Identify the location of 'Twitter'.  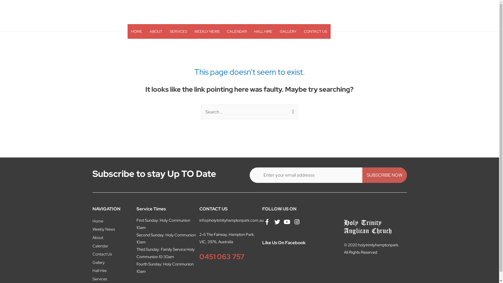
(272, 222).